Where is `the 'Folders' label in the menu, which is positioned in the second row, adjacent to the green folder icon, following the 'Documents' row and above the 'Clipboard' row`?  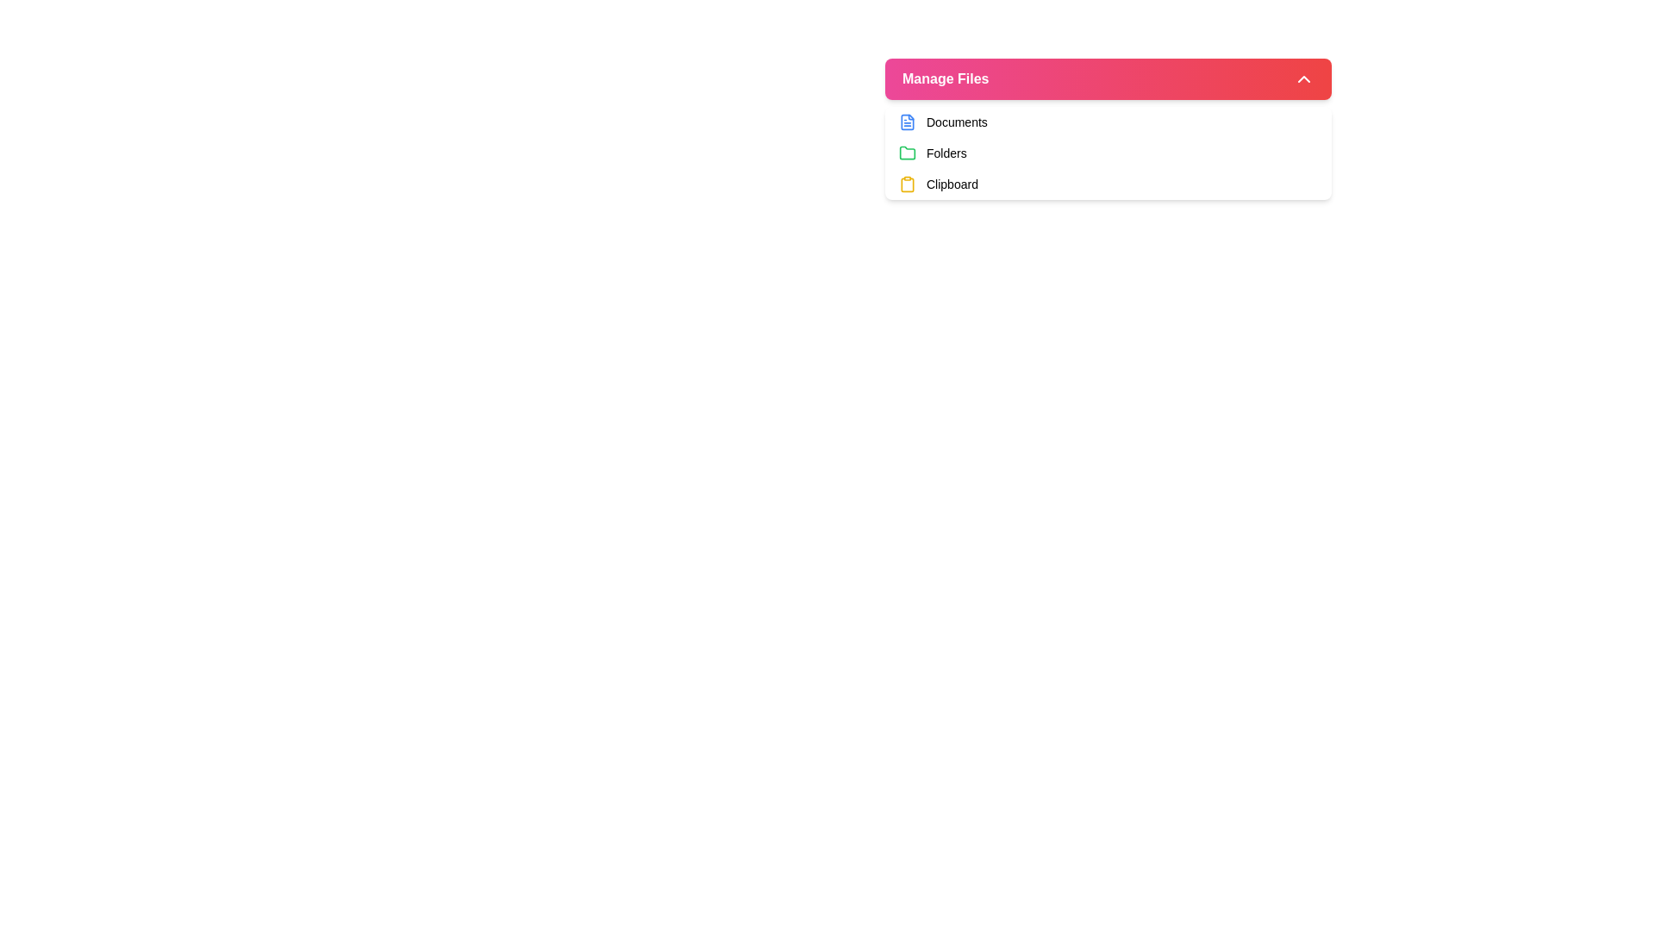 the 'Folders' label in the menu, which is positioned in the second row, adjacent to the green folder icon, following the 'Documents' row and above the 'Clipboard' row is located at coordinates (946, 152).